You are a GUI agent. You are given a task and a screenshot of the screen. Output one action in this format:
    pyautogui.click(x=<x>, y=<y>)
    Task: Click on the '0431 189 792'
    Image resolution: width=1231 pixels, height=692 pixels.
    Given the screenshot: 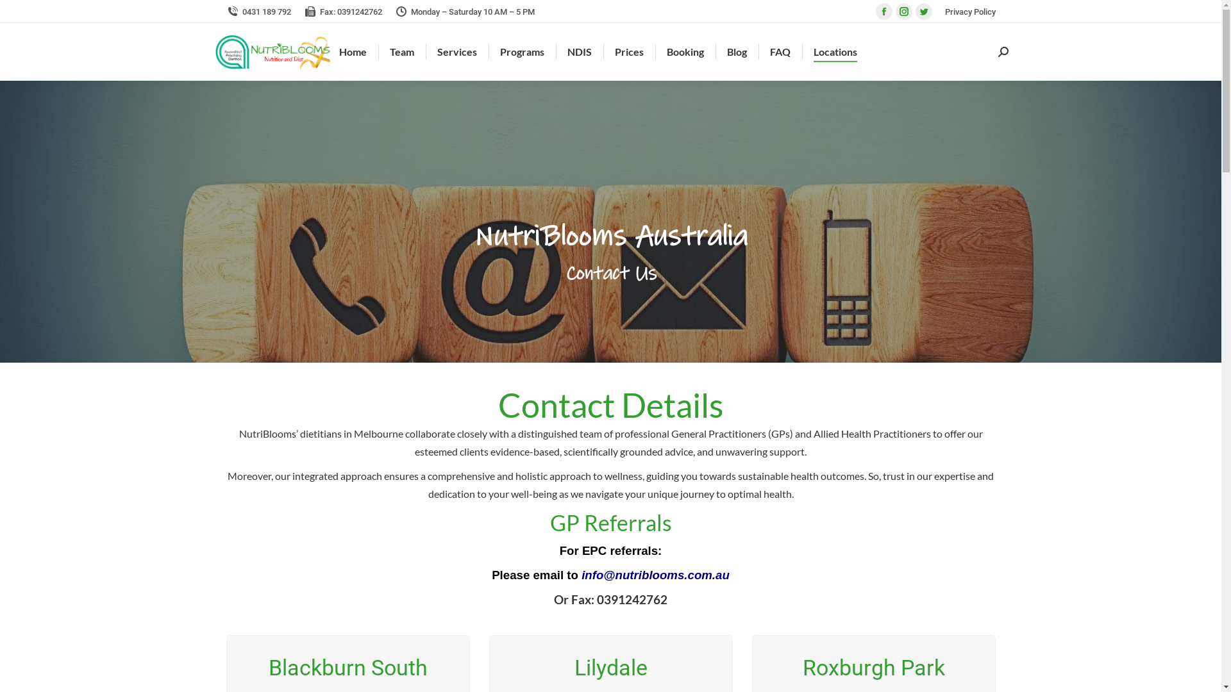 What is the action you would take?
    pyautogui.click(x=257, y=11)
    